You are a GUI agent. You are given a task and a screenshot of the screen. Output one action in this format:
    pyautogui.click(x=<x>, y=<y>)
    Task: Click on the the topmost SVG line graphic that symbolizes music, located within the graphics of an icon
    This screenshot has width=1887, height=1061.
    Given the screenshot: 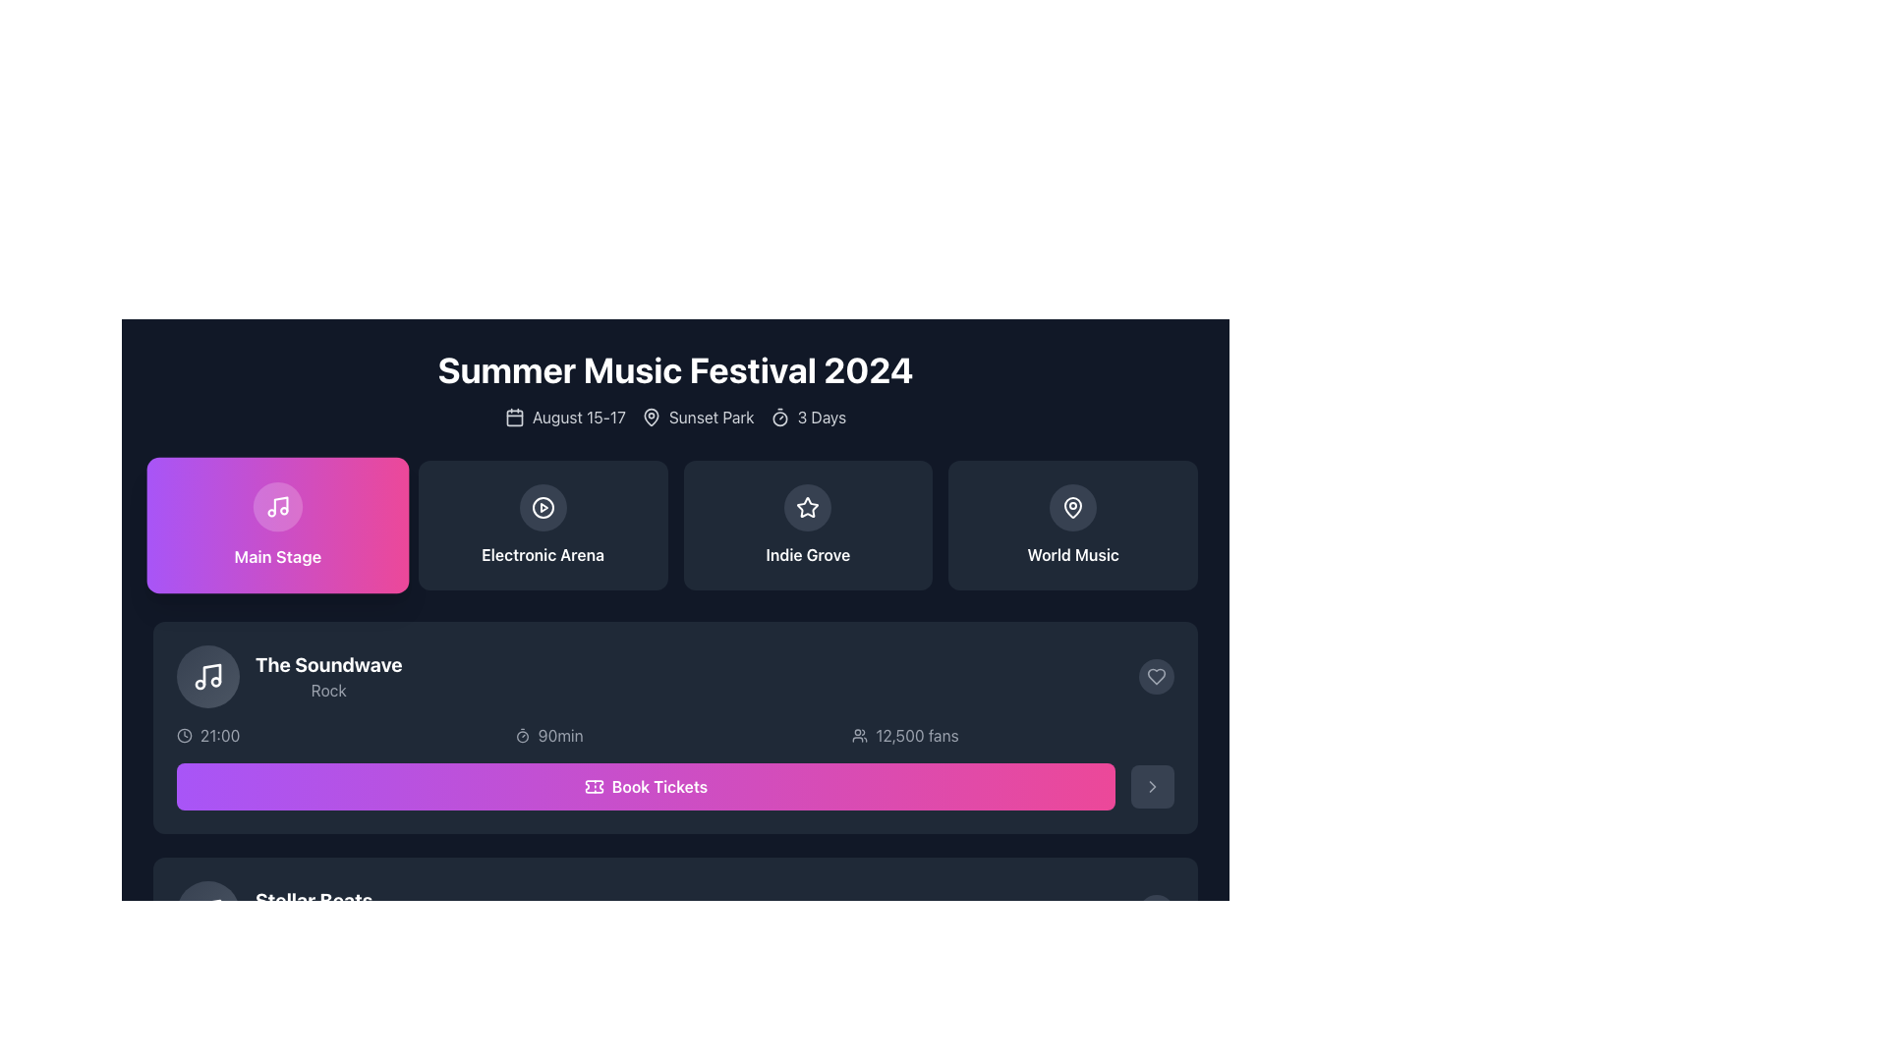 What is the action you would take?
    pyautogui.click(x=212, y=673)
    